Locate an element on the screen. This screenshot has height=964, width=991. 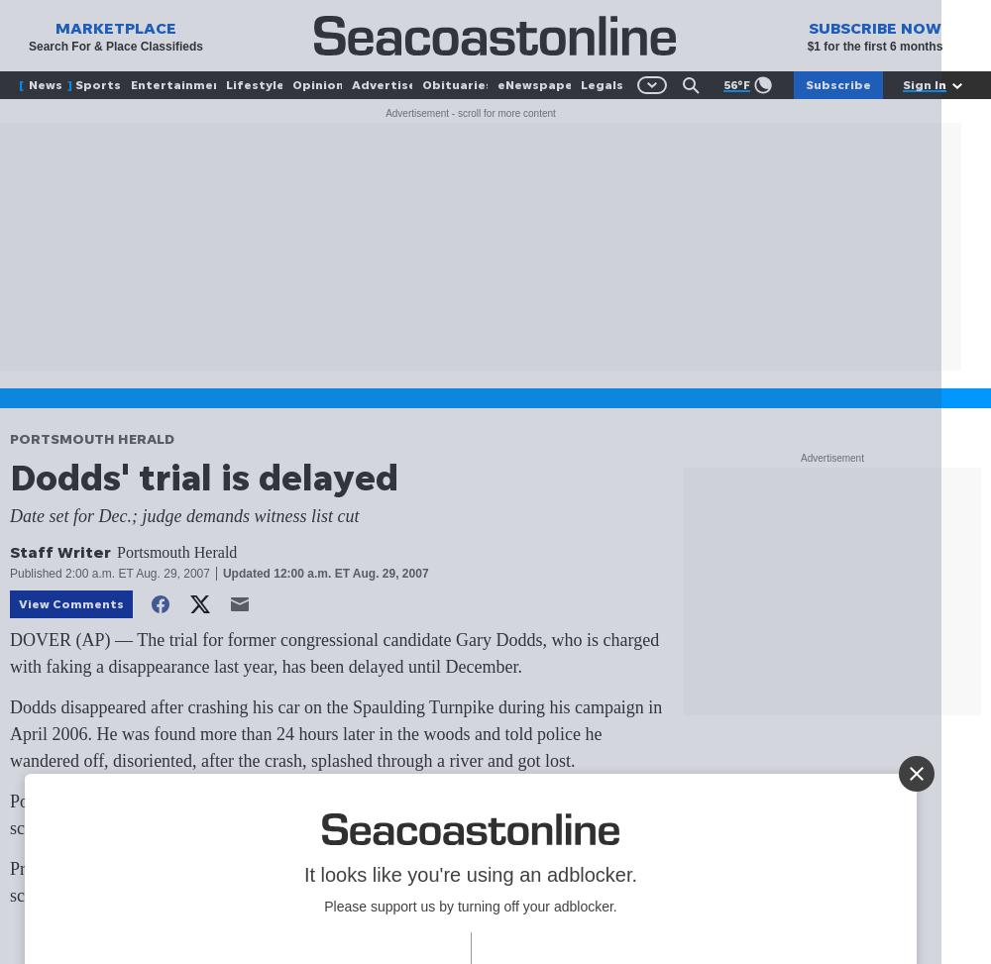
'Dodds' trial is delayed' is located at coordinates (203, 476).